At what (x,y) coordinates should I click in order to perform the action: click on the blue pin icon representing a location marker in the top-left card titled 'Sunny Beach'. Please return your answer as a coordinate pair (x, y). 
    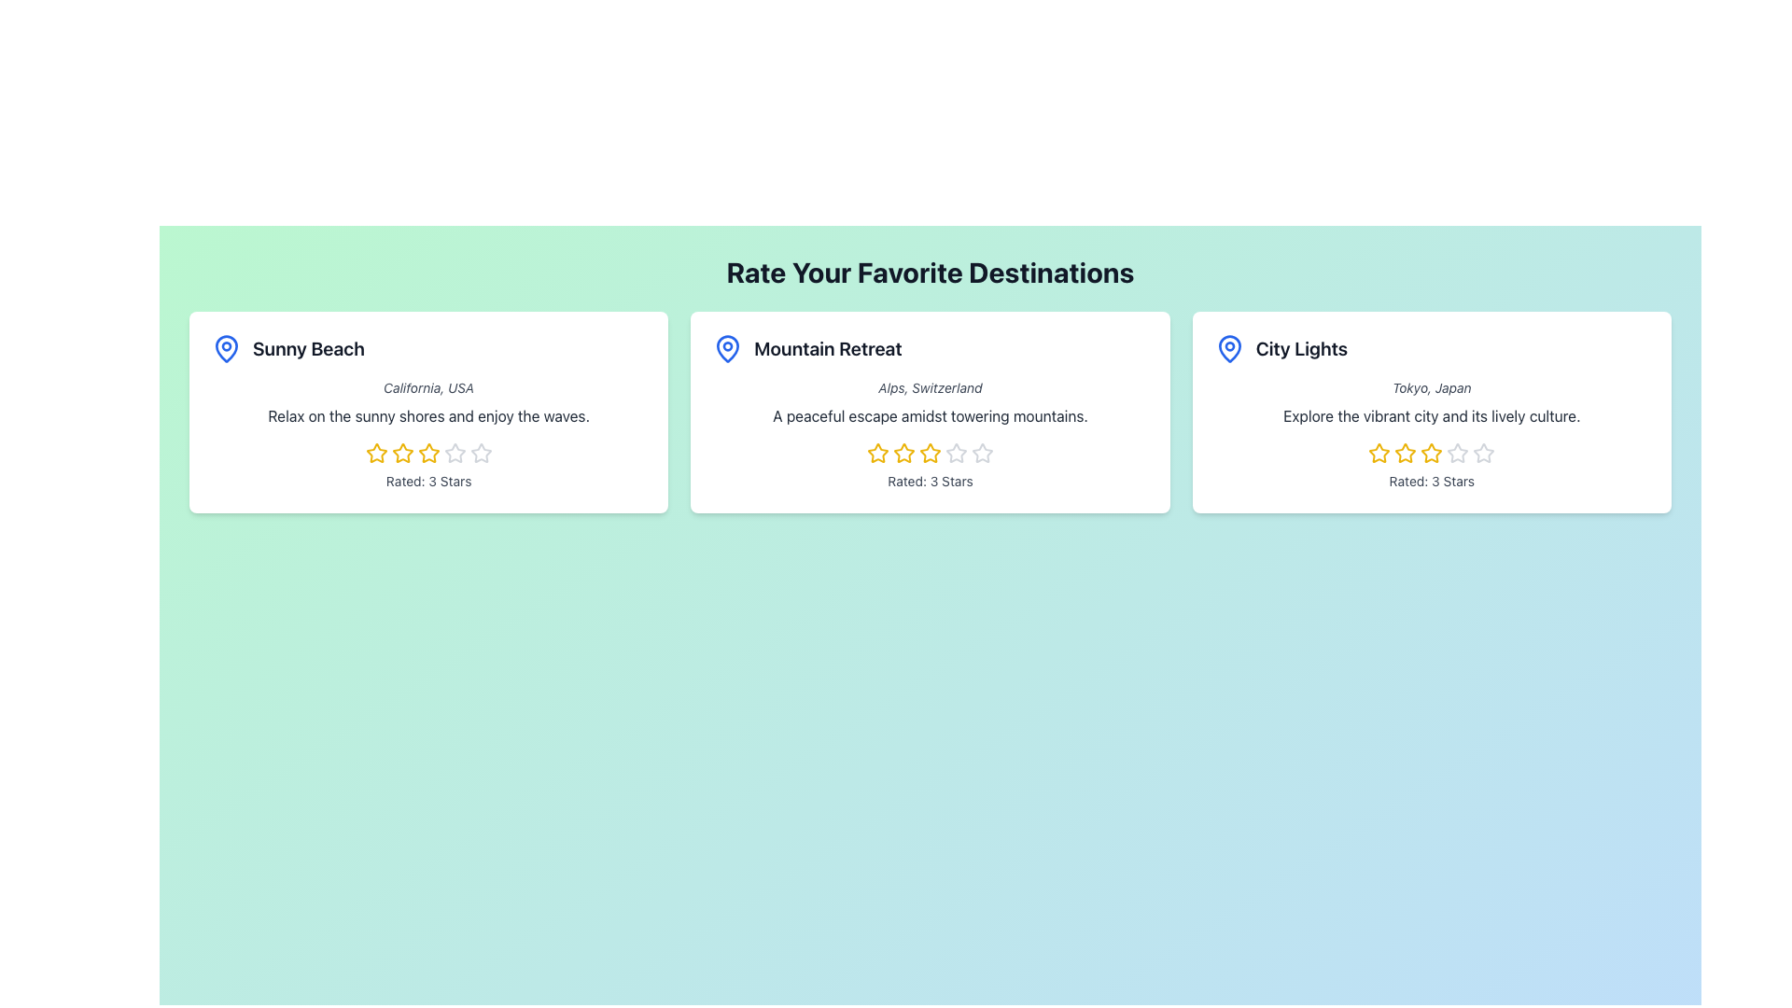
    Looking at the image, I should click on (226, 348).